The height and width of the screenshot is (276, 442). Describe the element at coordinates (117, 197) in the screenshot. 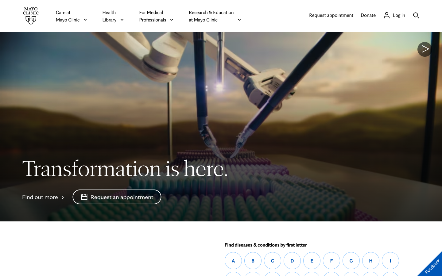

I see `Schedule a session with the help of the Mayoclinic animation` at that location.